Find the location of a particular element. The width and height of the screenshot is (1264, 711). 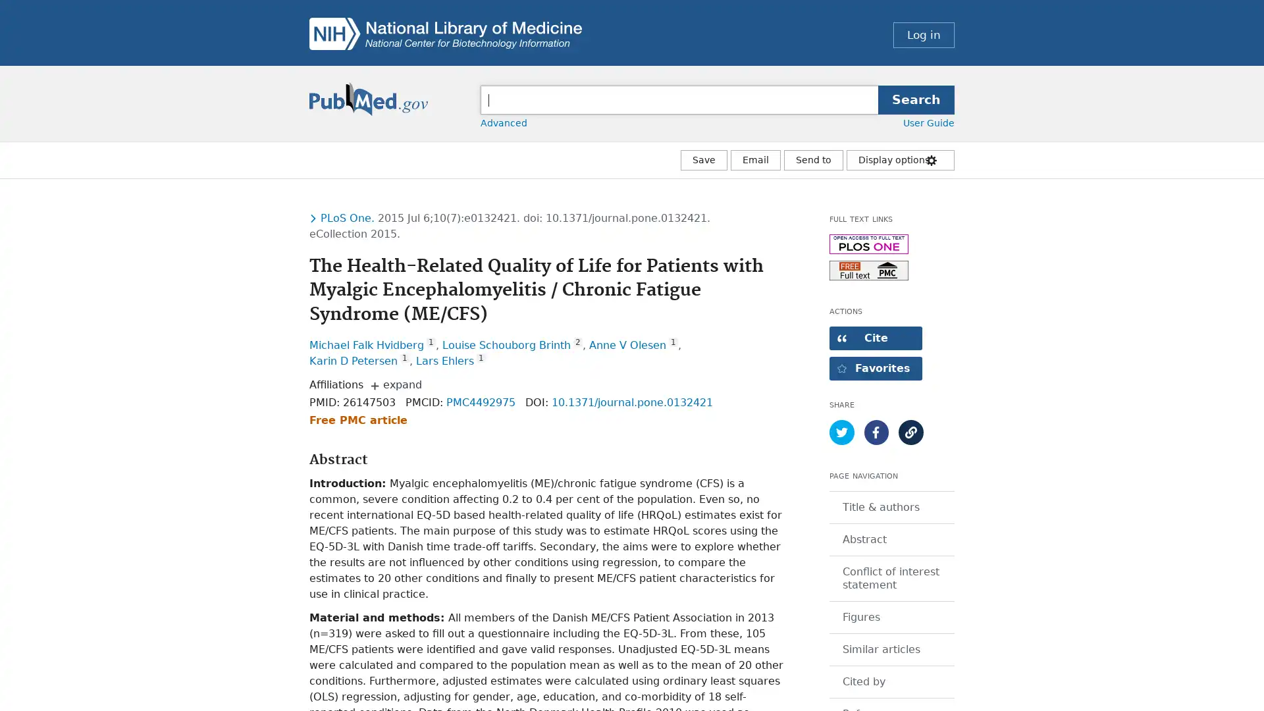

Toggle dropdown menu for journal PloS one is located at coordinates (340, 217).